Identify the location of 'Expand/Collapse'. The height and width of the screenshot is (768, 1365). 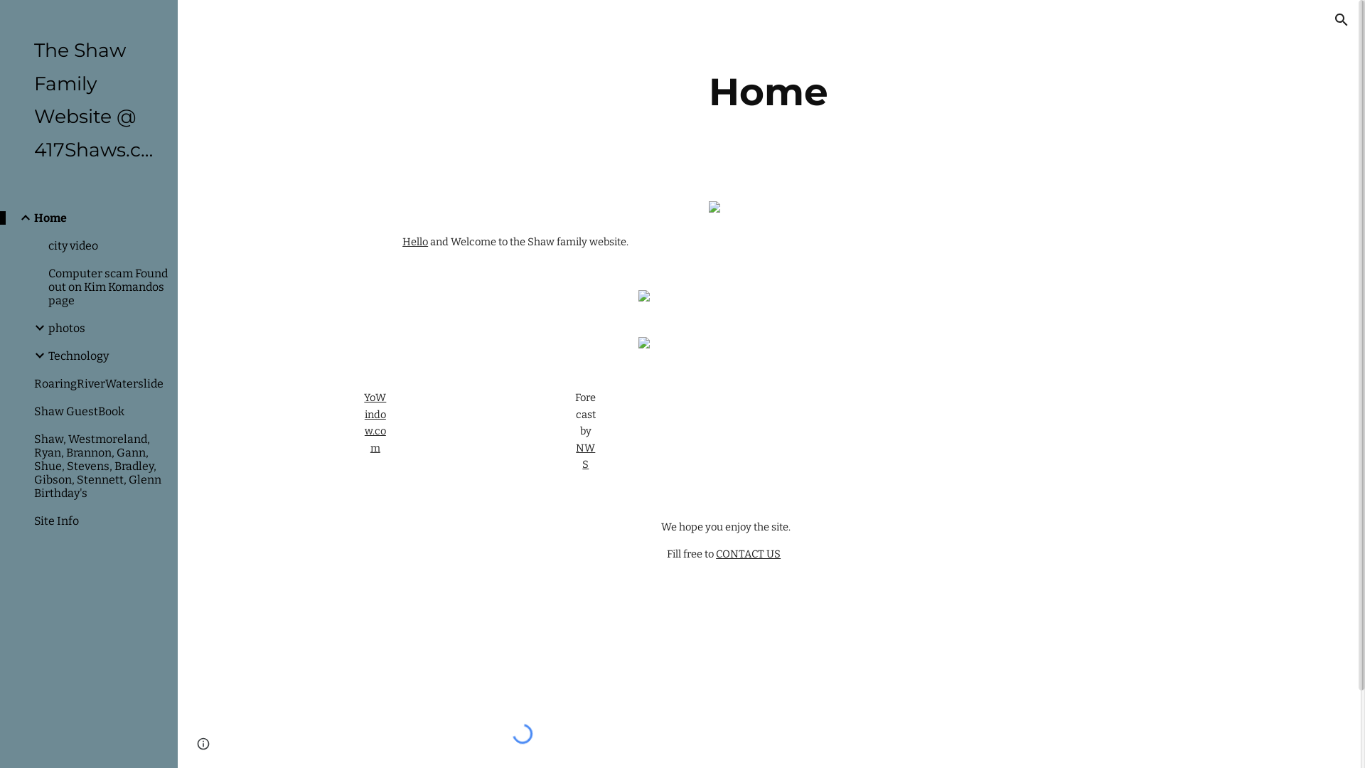
(35, 328).